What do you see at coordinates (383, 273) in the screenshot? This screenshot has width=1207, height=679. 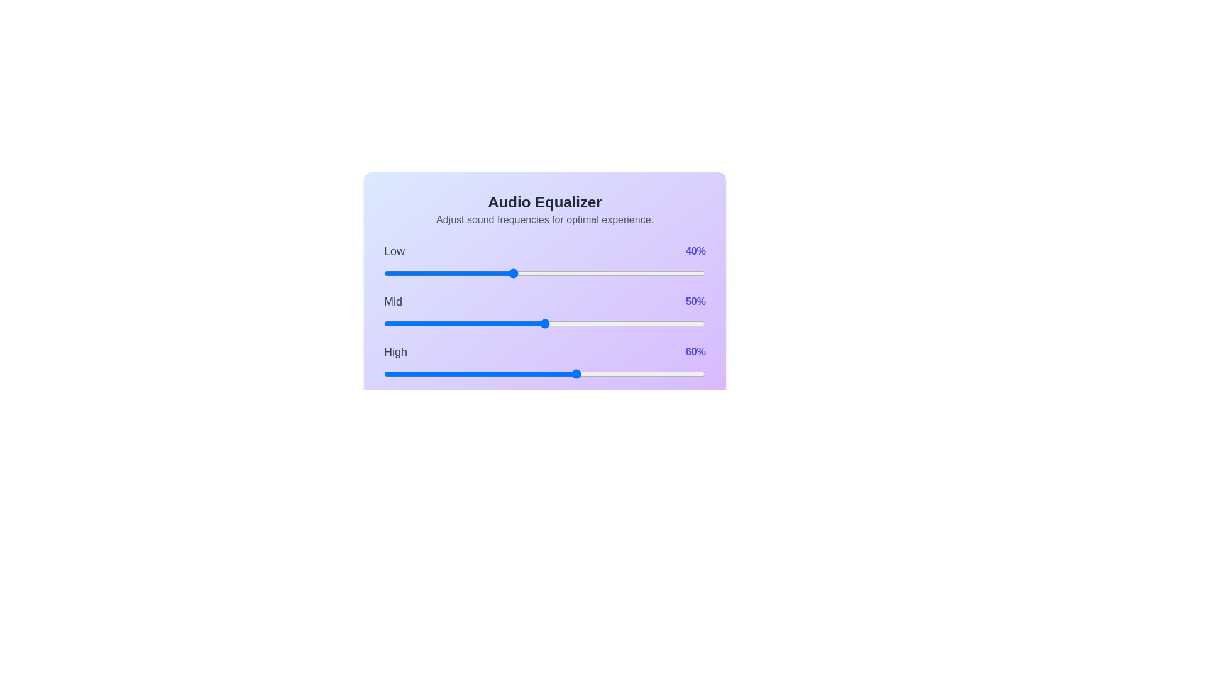 I see `the low frequency slider to 0%` at bounding box center [383, 273].